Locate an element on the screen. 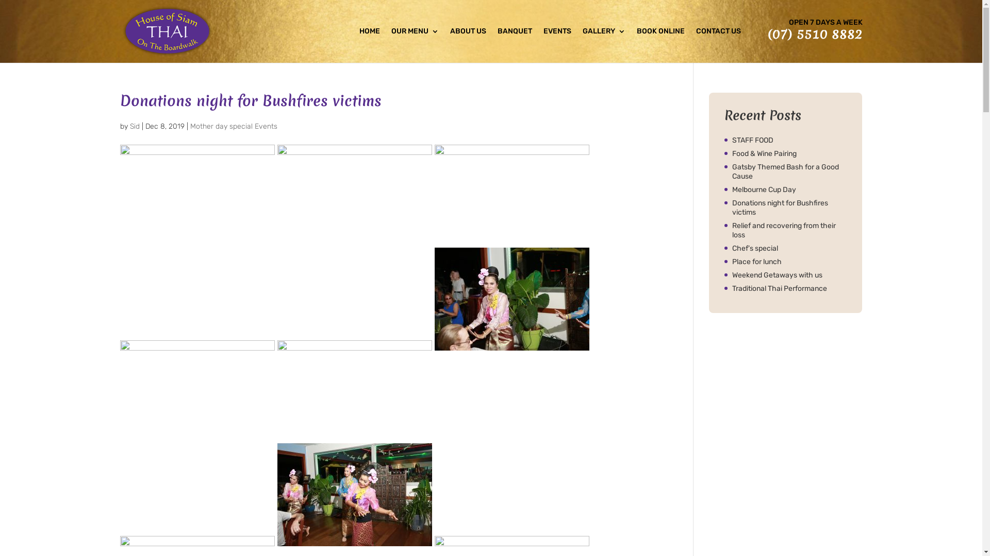  'HOME' is located at coordinates (369, 45).